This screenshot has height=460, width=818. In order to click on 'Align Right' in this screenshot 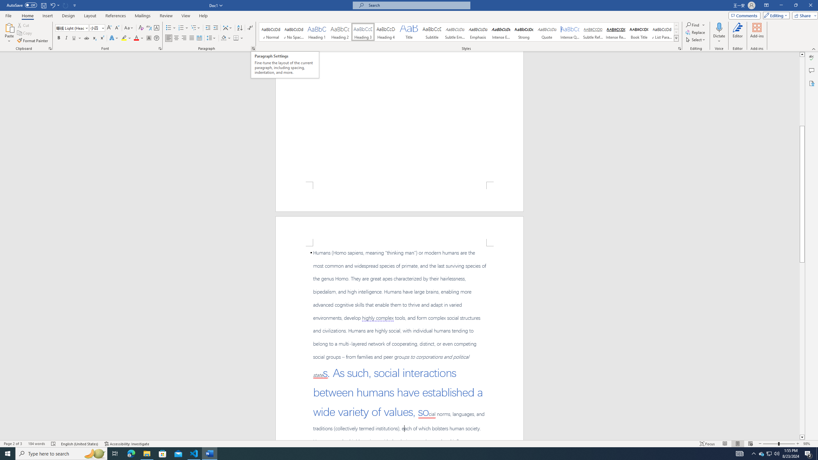, I will do `click(184, 38)`.